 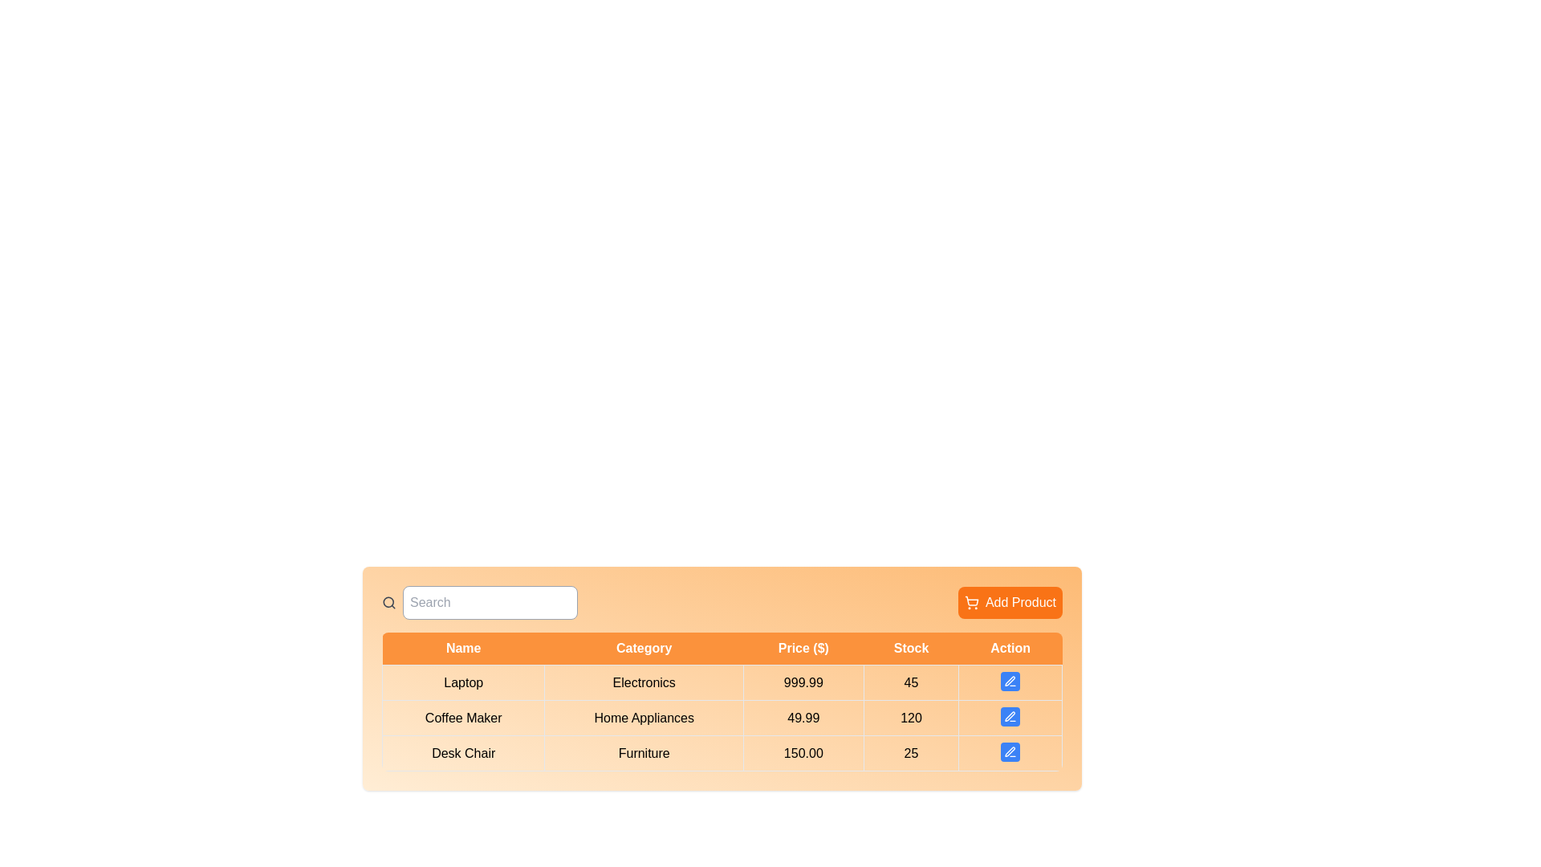 I want to click on the table cell displaying 'Coffee Maker' in bold black font with an orange background, located in the second row under the 'Name' column, so click(x=462, y=717).